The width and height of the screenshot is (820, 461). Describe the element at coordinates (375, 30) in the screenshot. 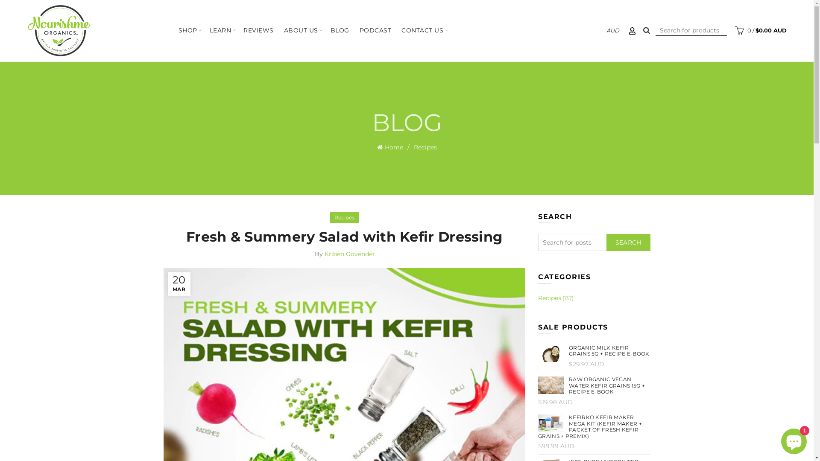

I see `'PODCAST'` at that location.